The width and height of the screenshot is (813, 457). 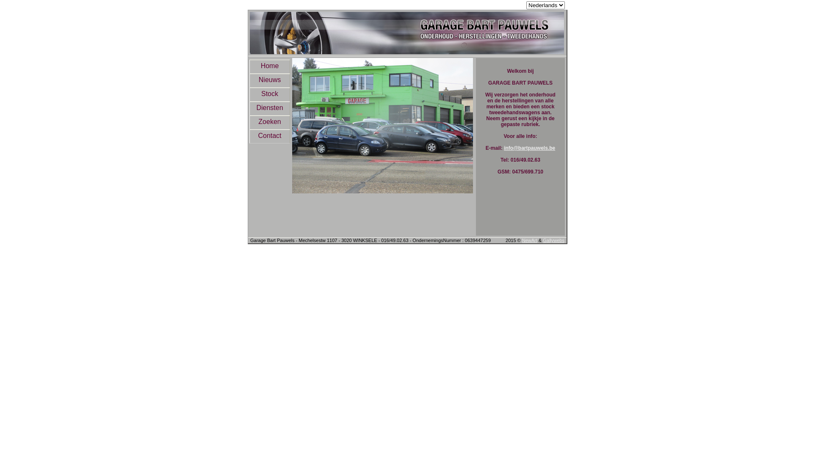 What do you see at coordinates (529, 240) in the screenshot?
I see `'NewArt'` at bounding box center [529, 240].